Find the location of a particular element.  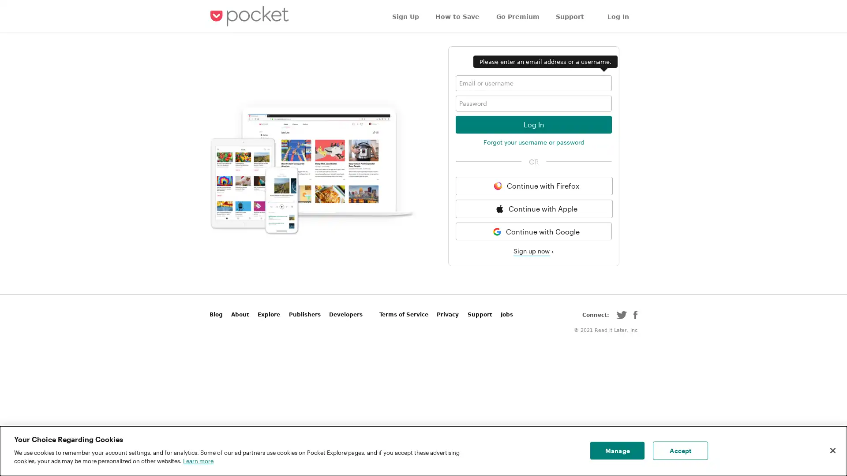

Close is located at coordinates (832, 450).